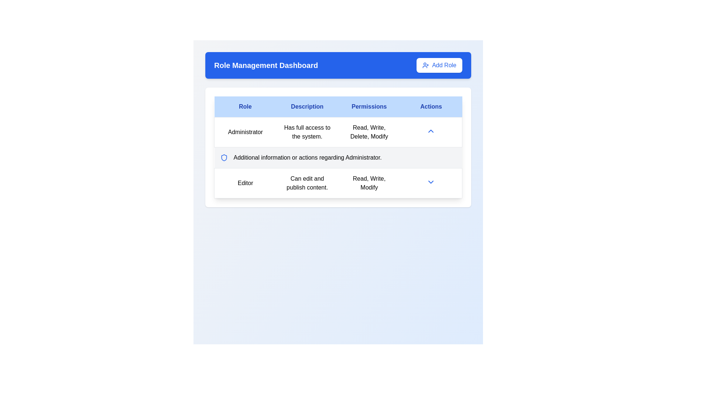  I want to click on the text label 'Role' which is a bold blue colored element located at the beginning of a table header row, so click(245, 107).